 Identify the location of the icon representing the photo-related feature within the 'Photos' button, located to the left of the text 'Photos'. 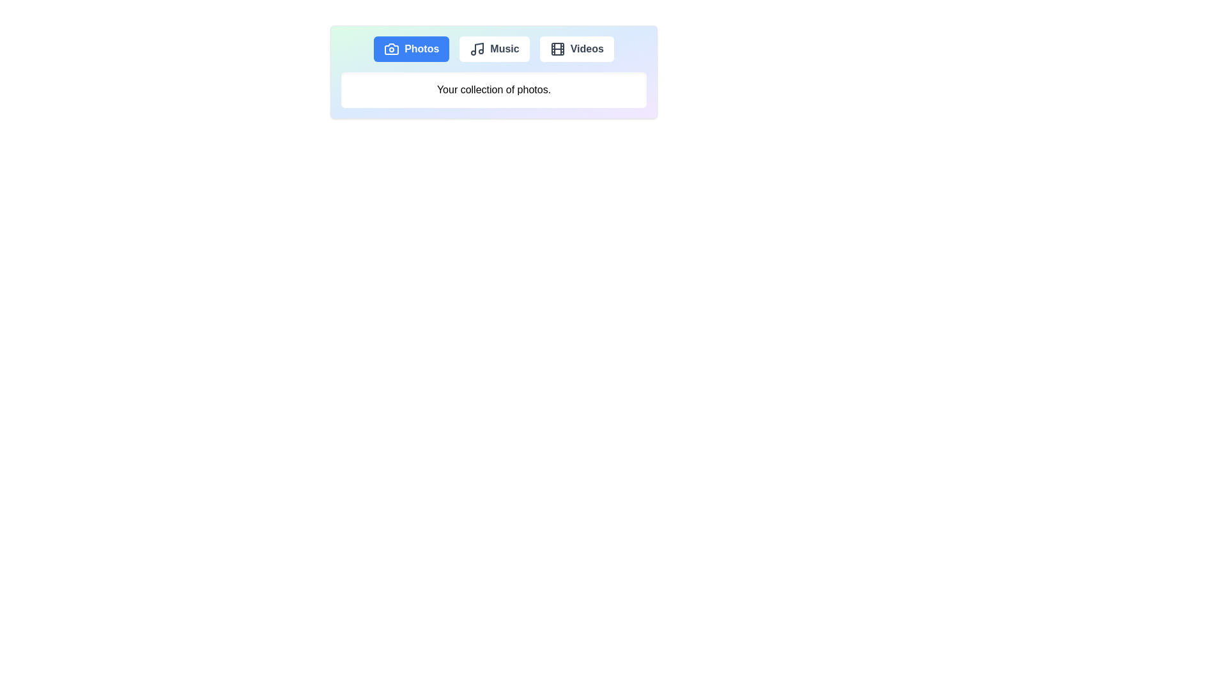
(391, 49).